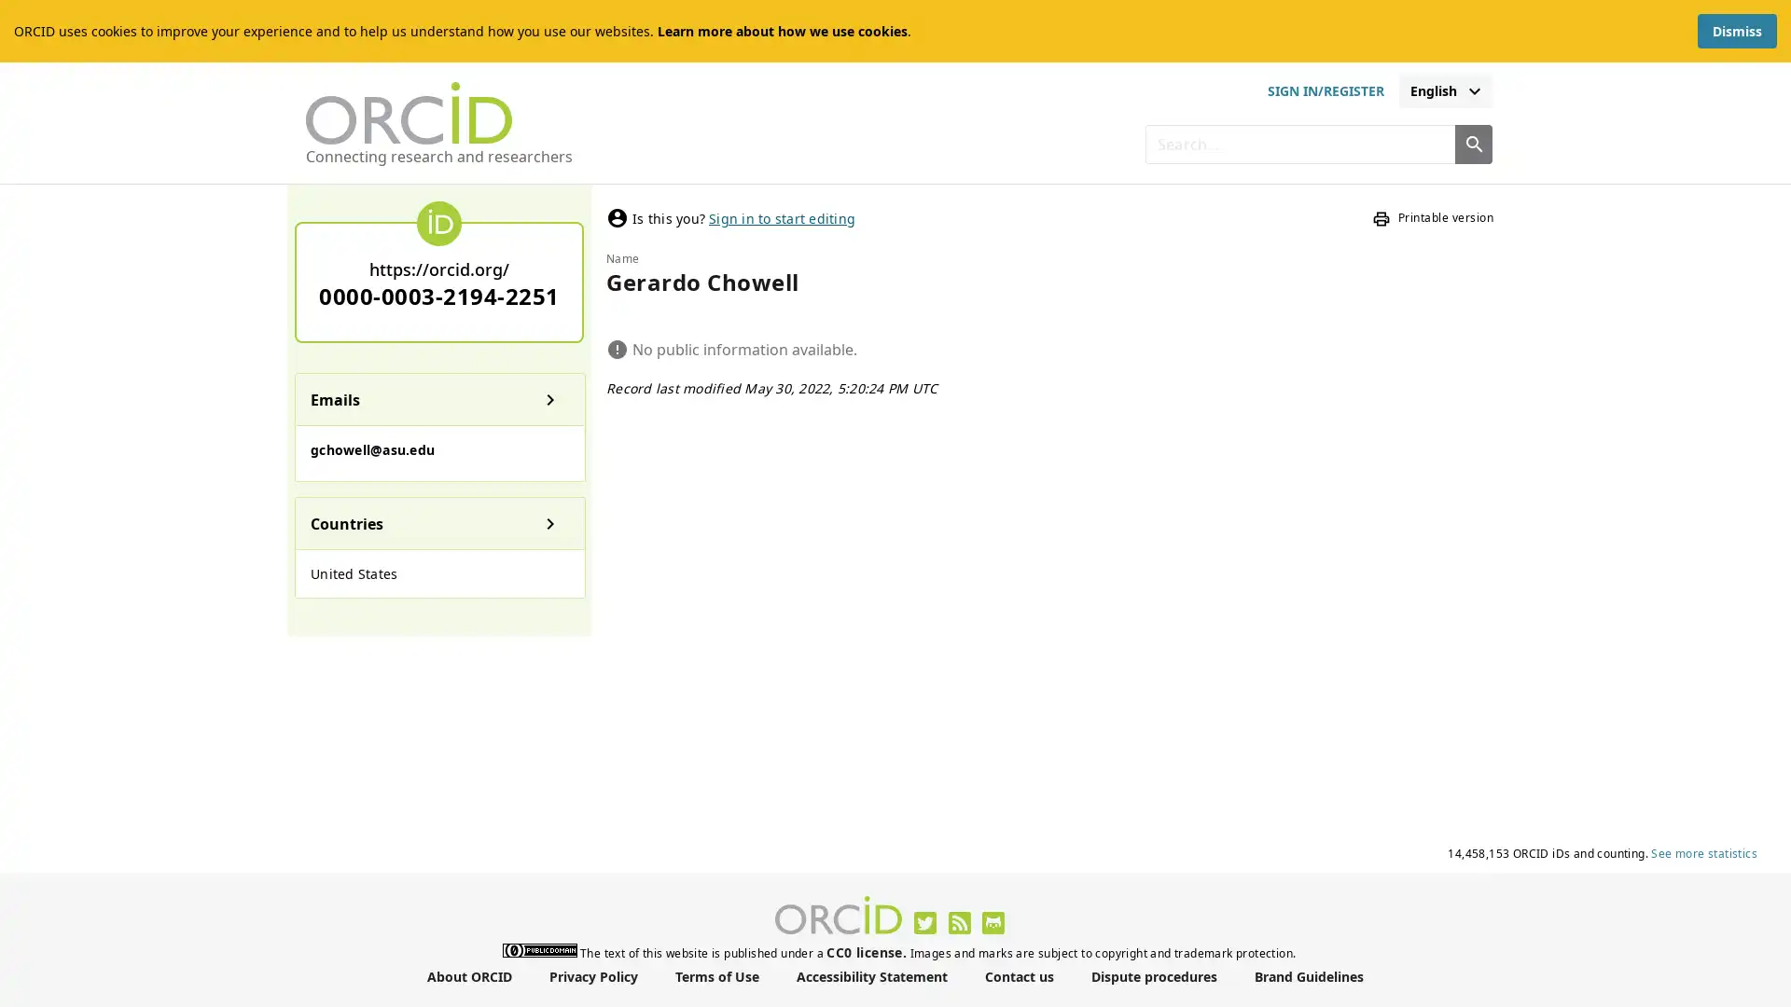 This screenshot has height=1007, width=1791. Describe the element at coordinates (1324, 90) in the screenshot. I see `sign in or register` at that location.